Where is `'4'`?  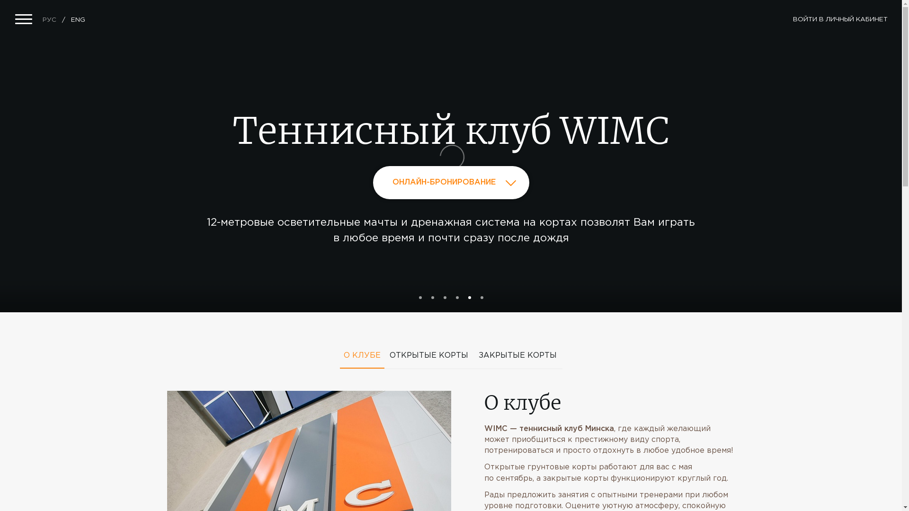
'4' is located at coordinates (455, 297).